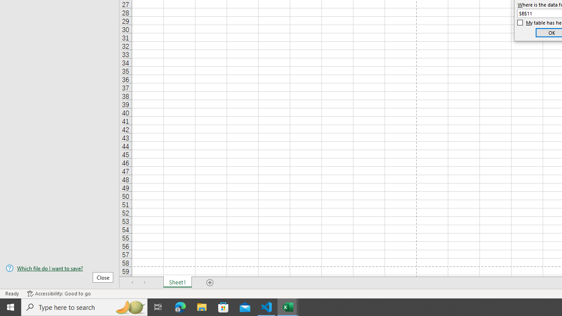 The width and height of the screenshot is (562, 316). I want to click on 'Sheet1', so click(177, 283).